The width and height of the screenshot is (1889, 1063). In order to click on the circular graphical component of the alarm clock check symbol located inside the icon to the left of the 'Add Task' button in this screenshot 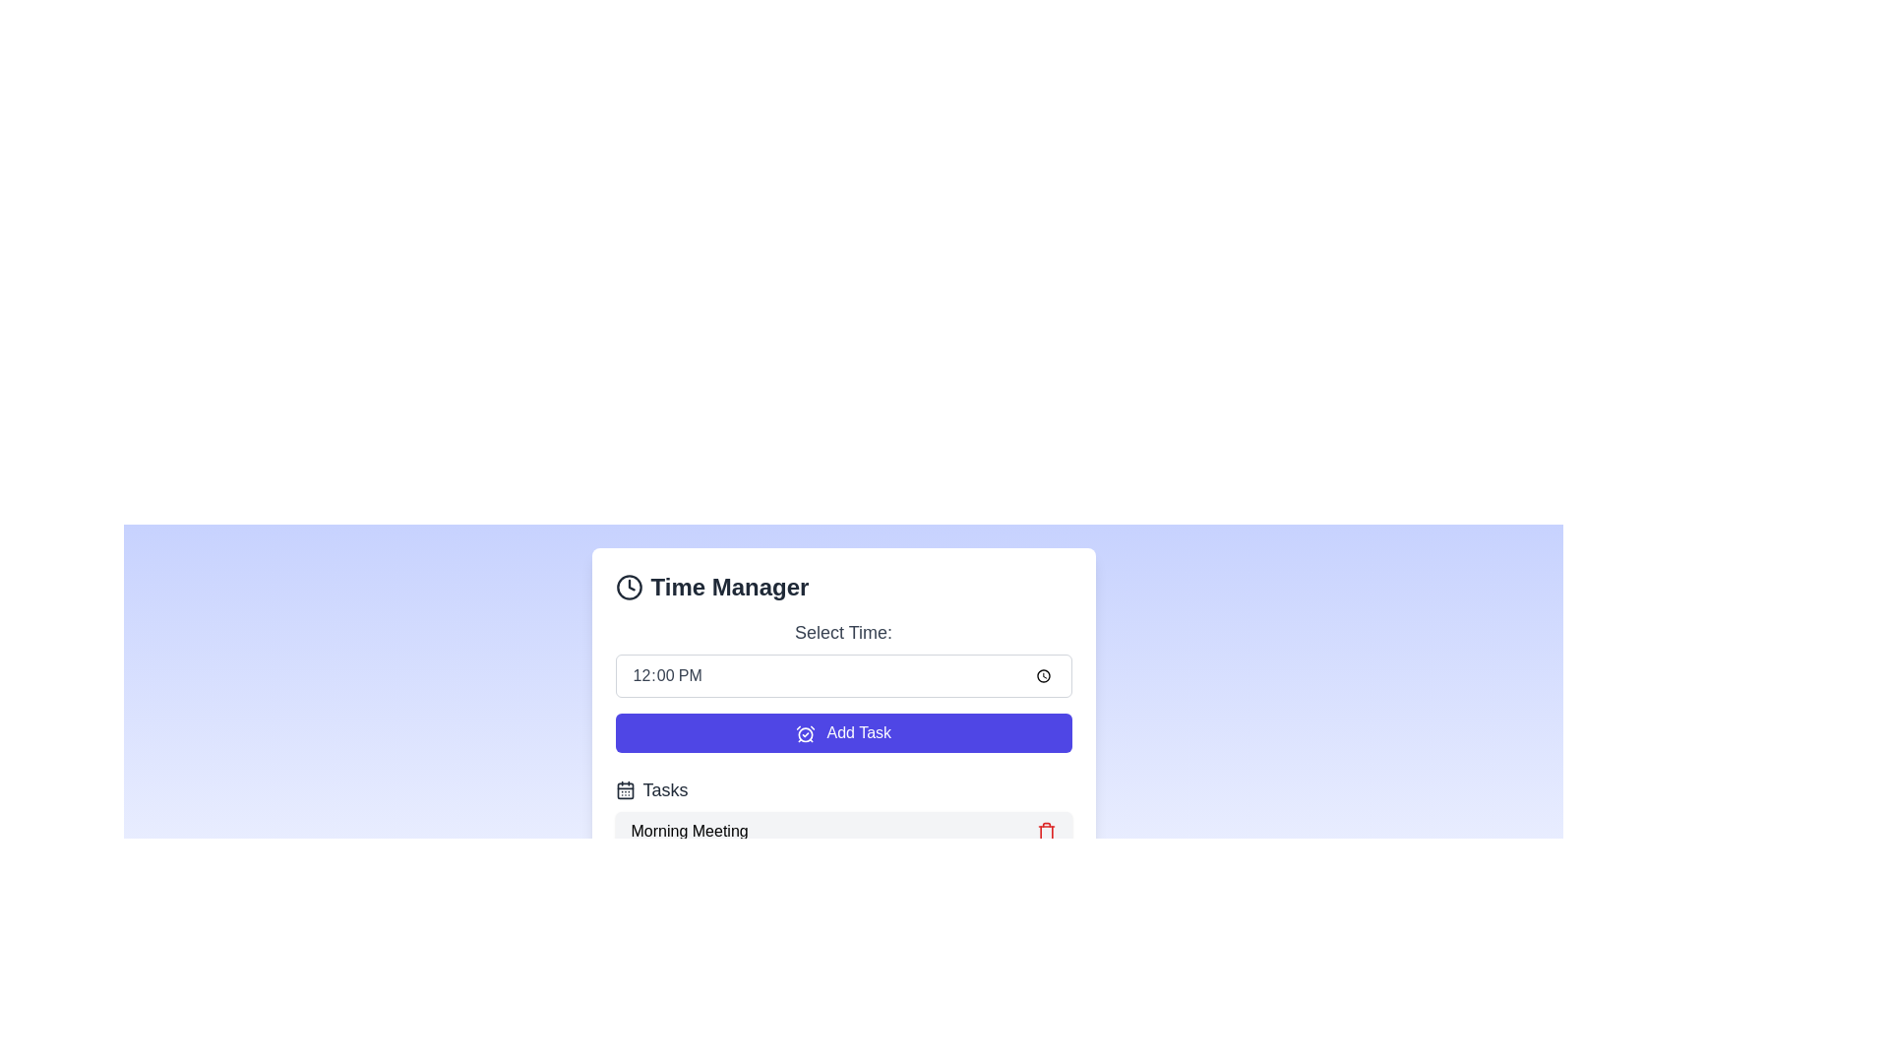, I will do `click(805, 734)`.